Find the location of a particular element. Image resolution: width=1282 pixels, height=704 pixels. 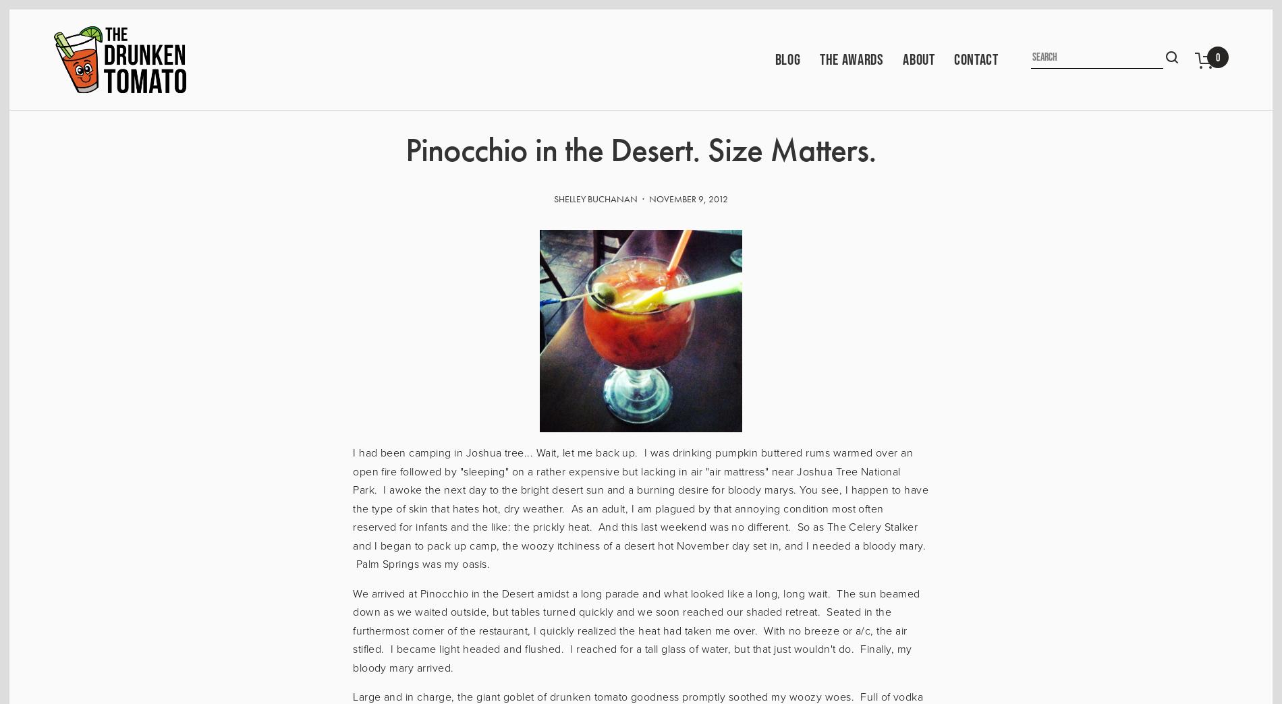

'About' is located at coordinates (918, 58).